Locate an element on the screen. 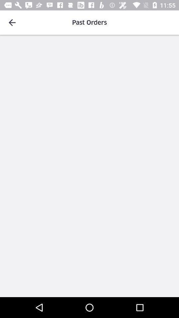 This screenshot has width=179, height=318. item to the left of the past orders is located at coordinates (12, 23).